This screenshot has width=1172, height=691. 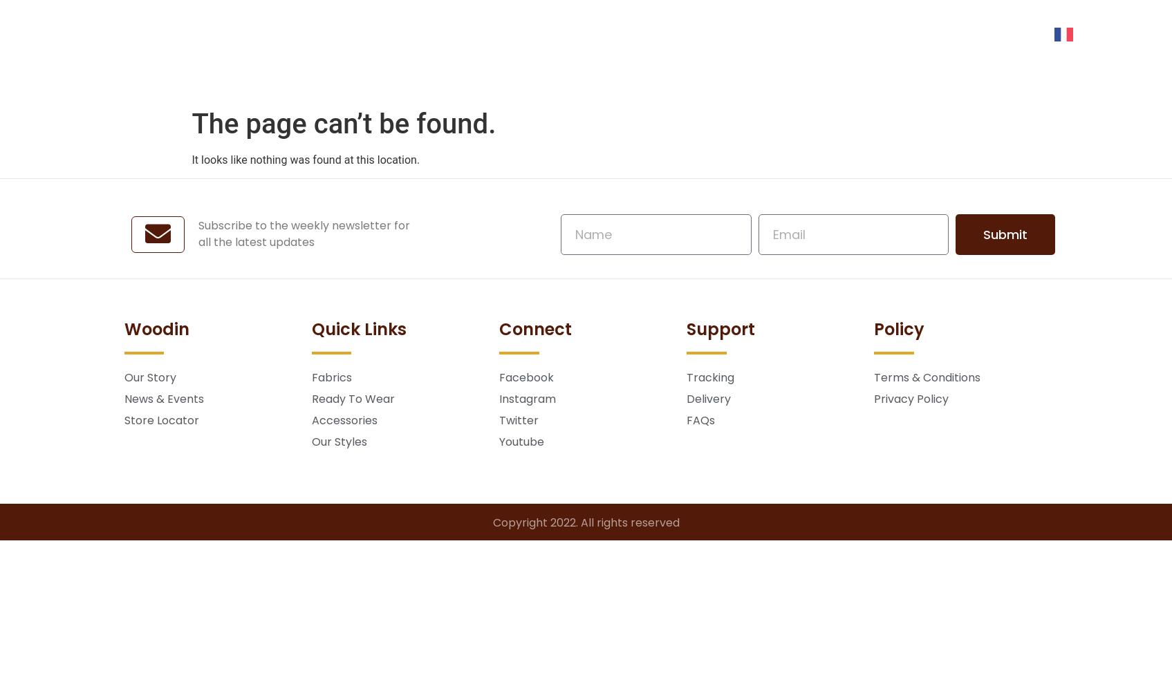 I want to click on 'Instagram', so click(x=526, y=397).